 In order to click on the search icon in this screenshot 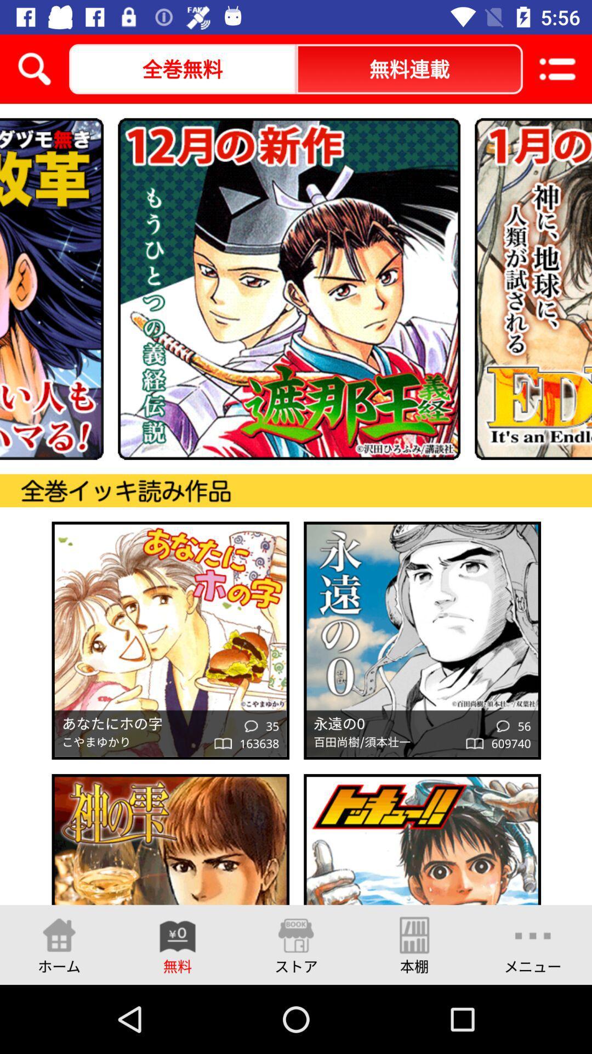, I will do `click(33, 68)`.